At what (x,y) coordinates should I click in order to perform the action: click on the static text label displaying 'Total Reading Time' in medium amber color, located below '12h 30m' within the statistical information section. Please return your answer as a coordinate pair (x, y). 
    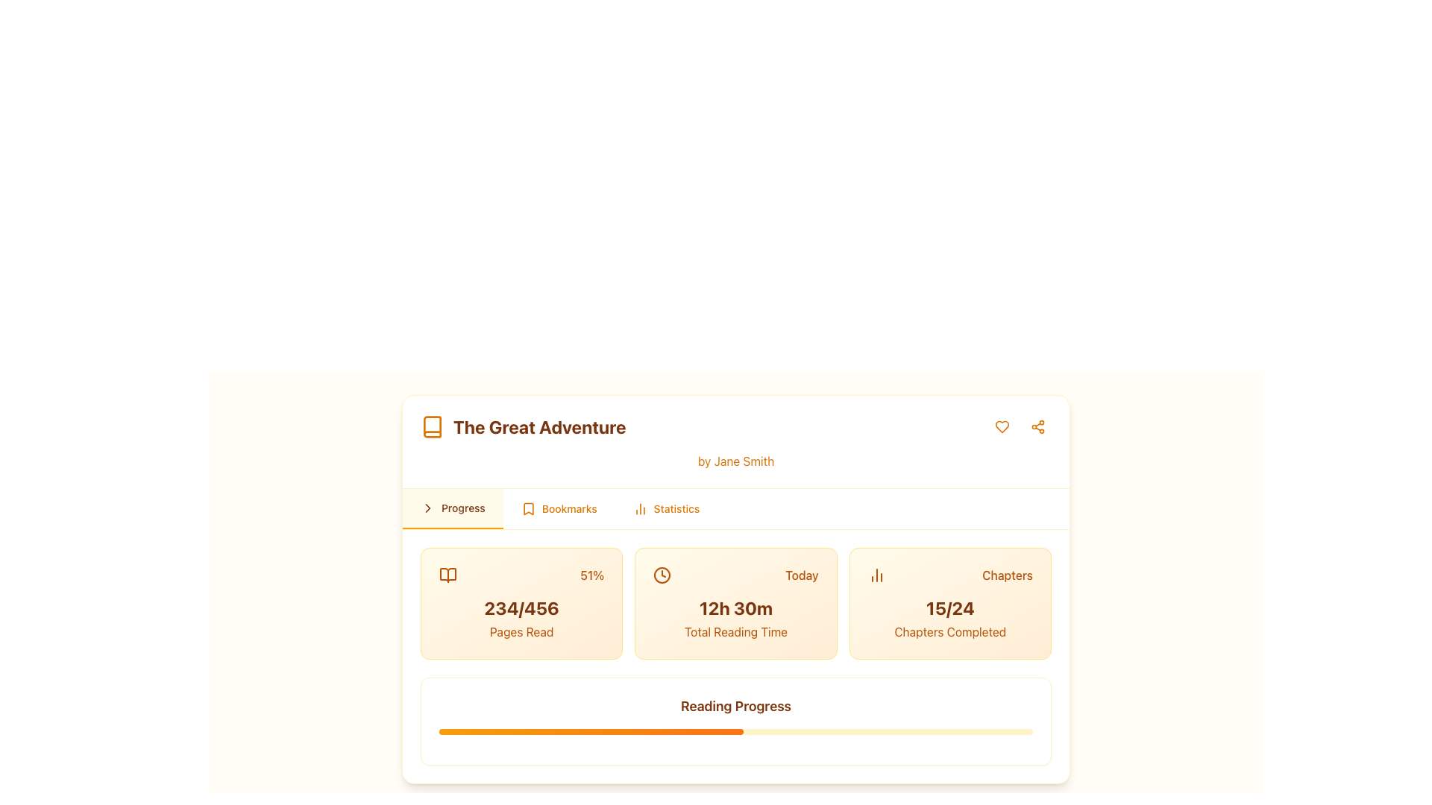
    Looking at the image, I should click on (736, 632).